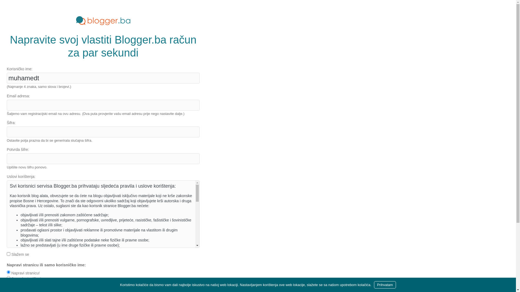 This screenshot has height=292, width=520. What do you see at coordinates (385, 284) in the screenshot?
I see `'Prihvatam'` at bounding box center [385, 284].